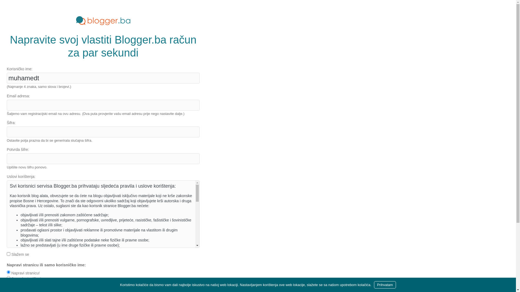 This screenshot has height=292, width=520. What do you see at coordinates (385, 284) in the screenshot?
I see `'Prihvatam'` at bounding box center [385, 284].